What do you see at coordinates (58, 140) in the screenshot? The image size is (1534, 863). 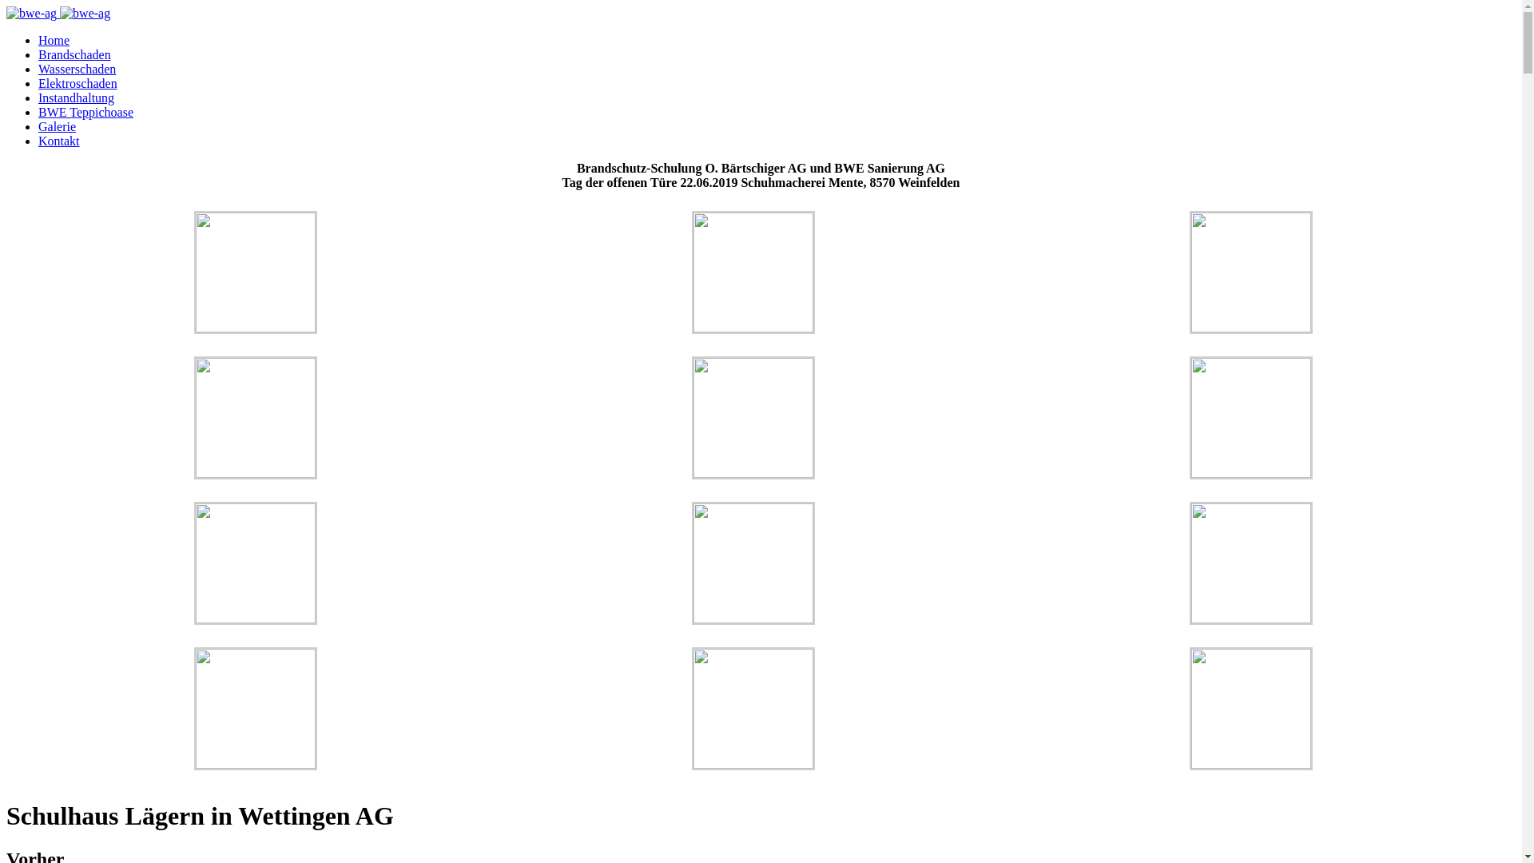 I see `'Kontakt'` at bounding box center [58, 140].